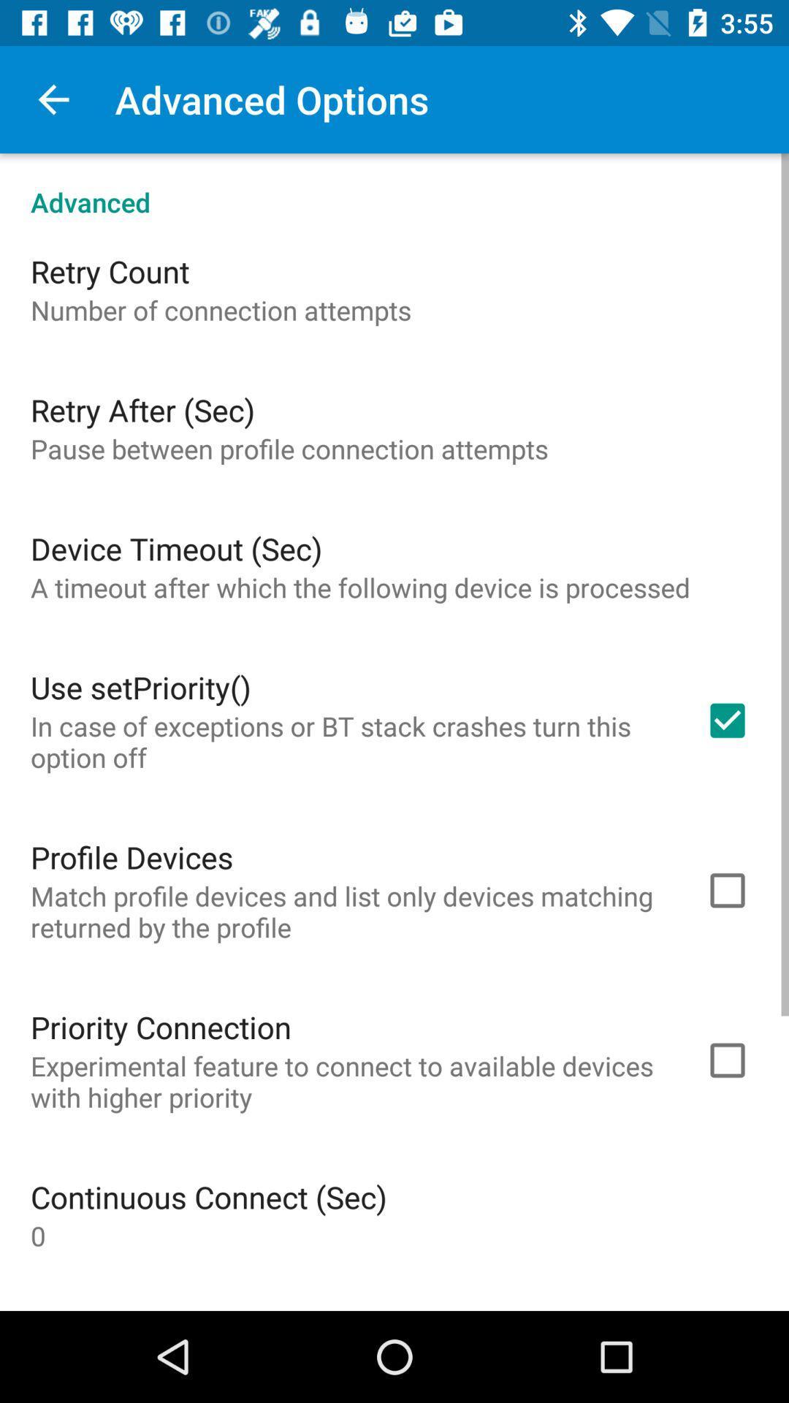 This screenshot has height=1403, width=789. I want to click on the icon below a timeout after, so click(140, 686).